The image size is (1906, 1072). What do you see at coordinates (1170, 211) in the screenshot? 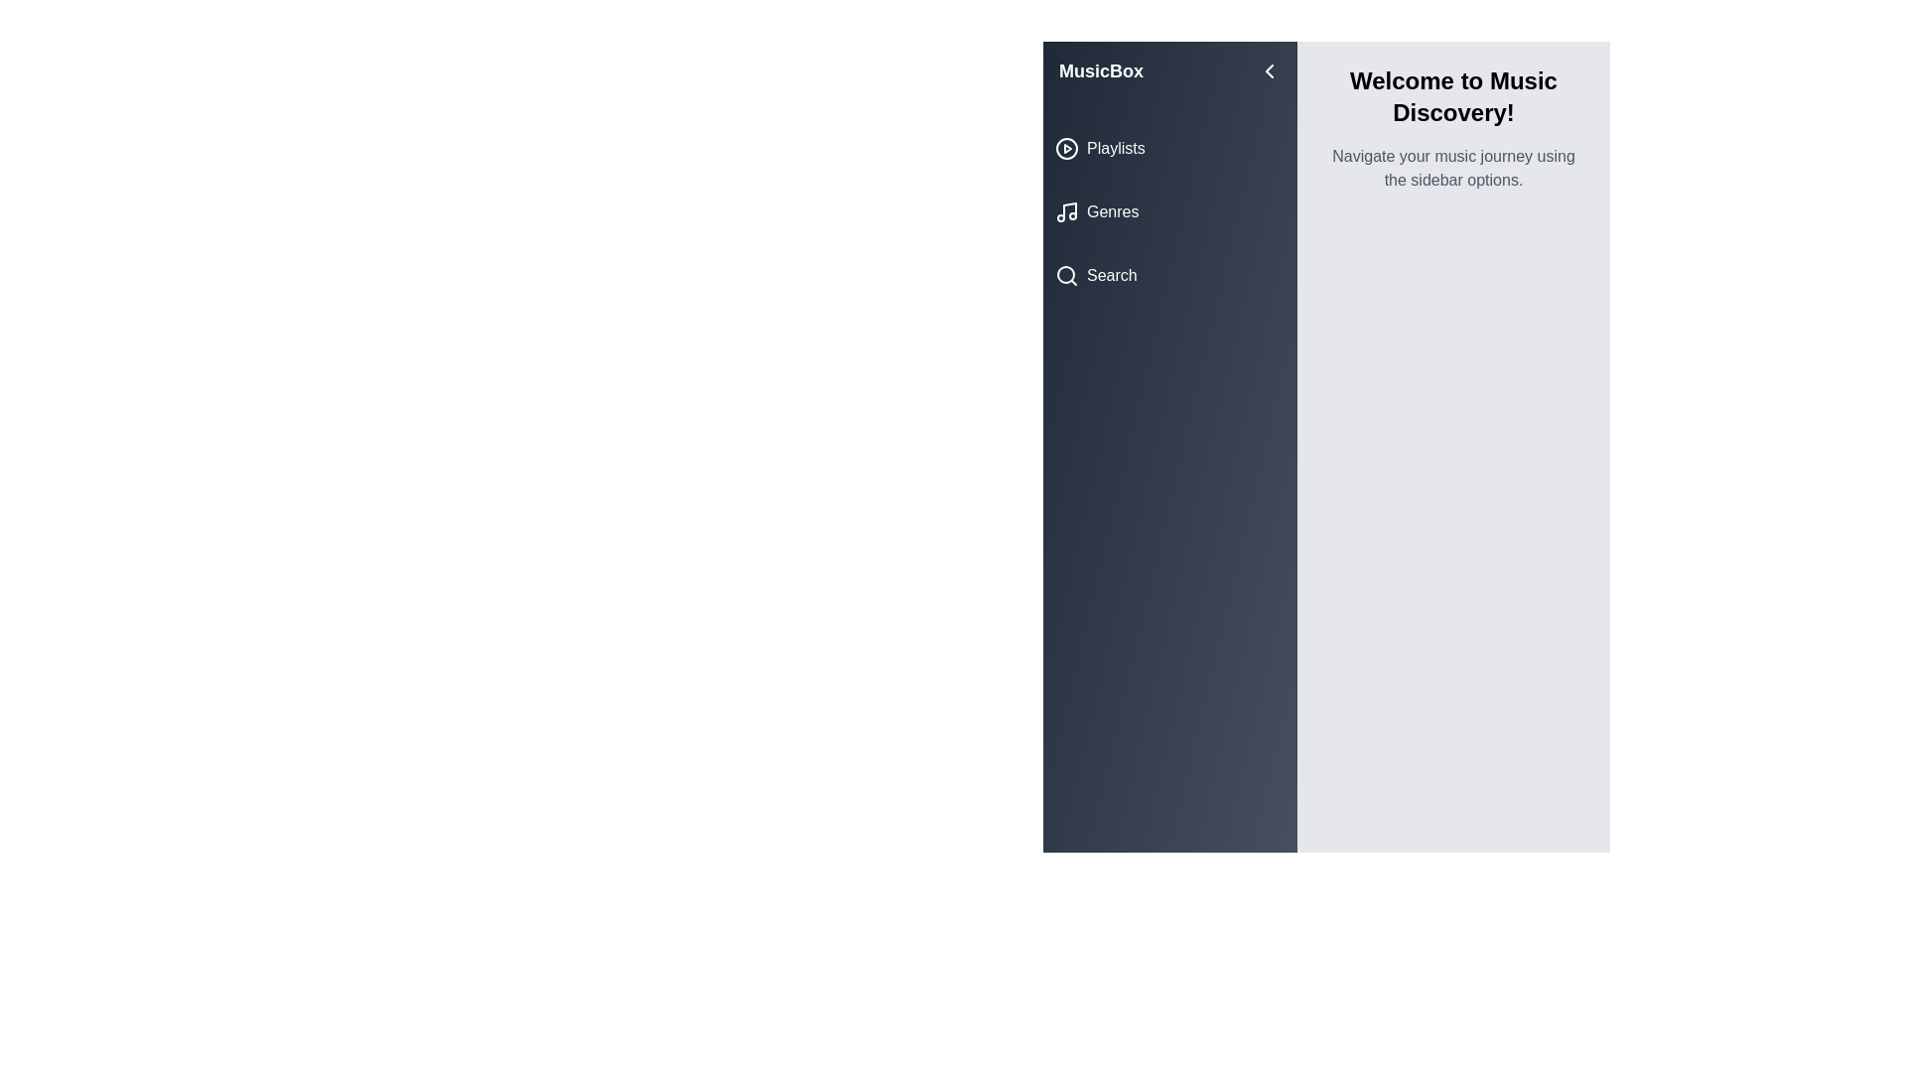
I see `the music category Genres from the sidebar` at bounding box center [1170, 211].